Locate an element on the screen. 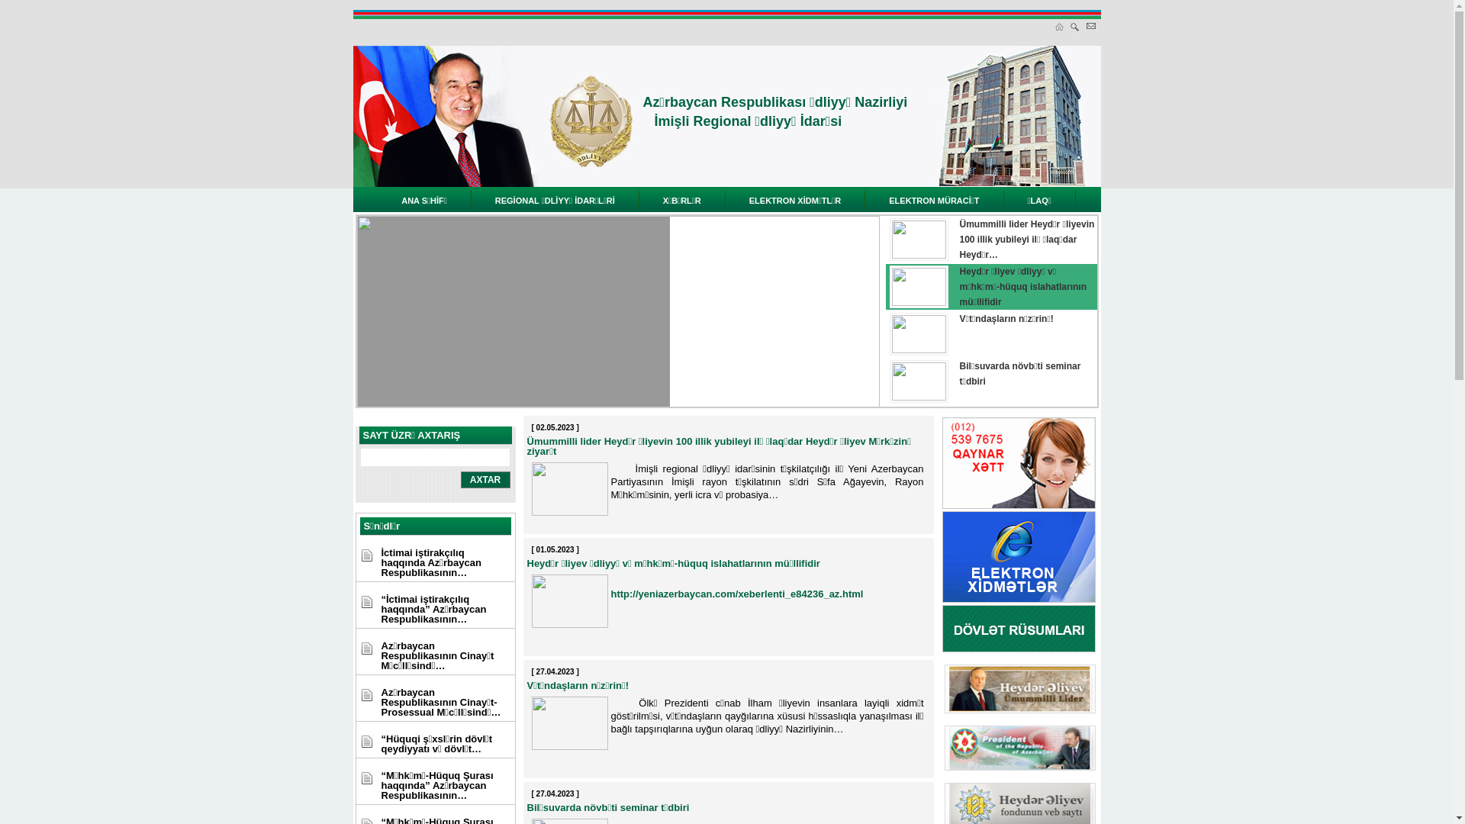  'http://yeniazerbaycan.com/xeberlenti_e84236_az.html' is located at coordinates (736, 593).